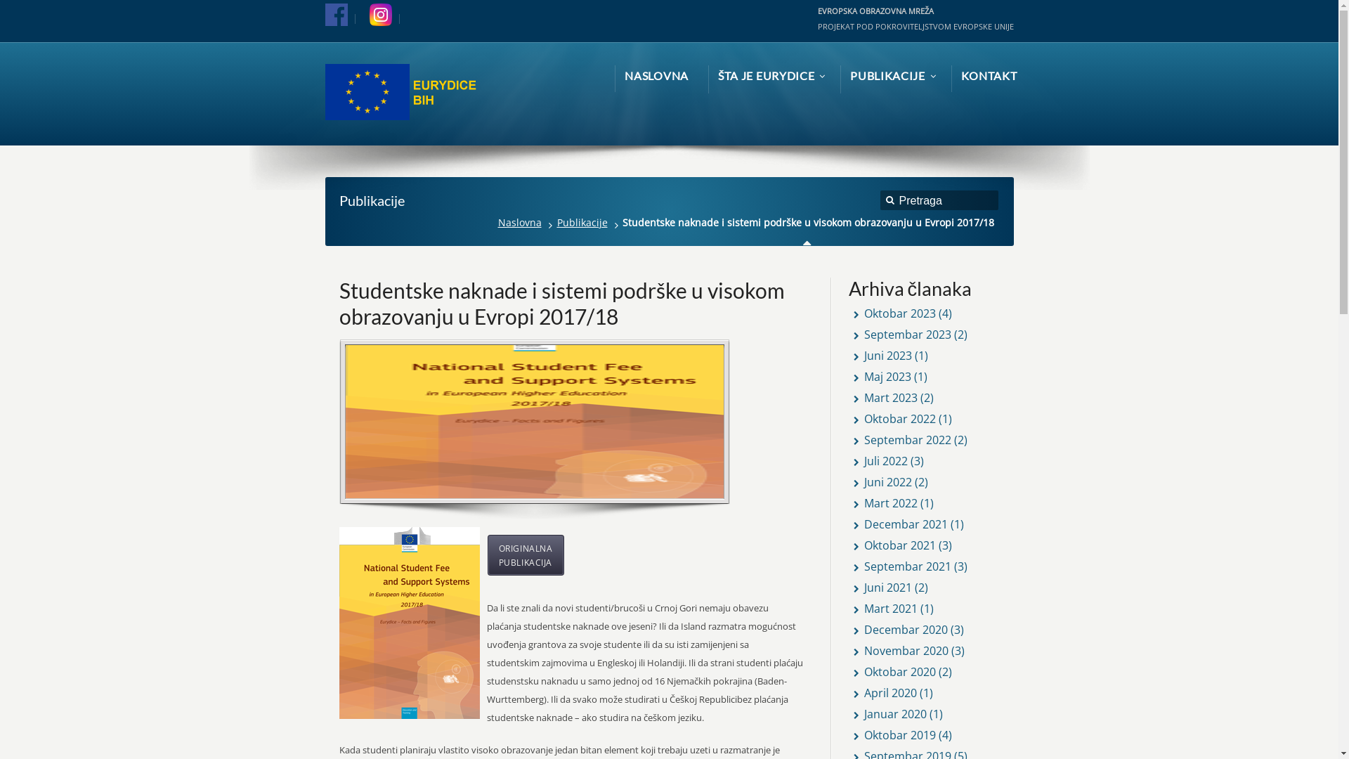 This screenshot has width=1349, height=759. I want to click on 'Septembar 2021', so click(907, 566).